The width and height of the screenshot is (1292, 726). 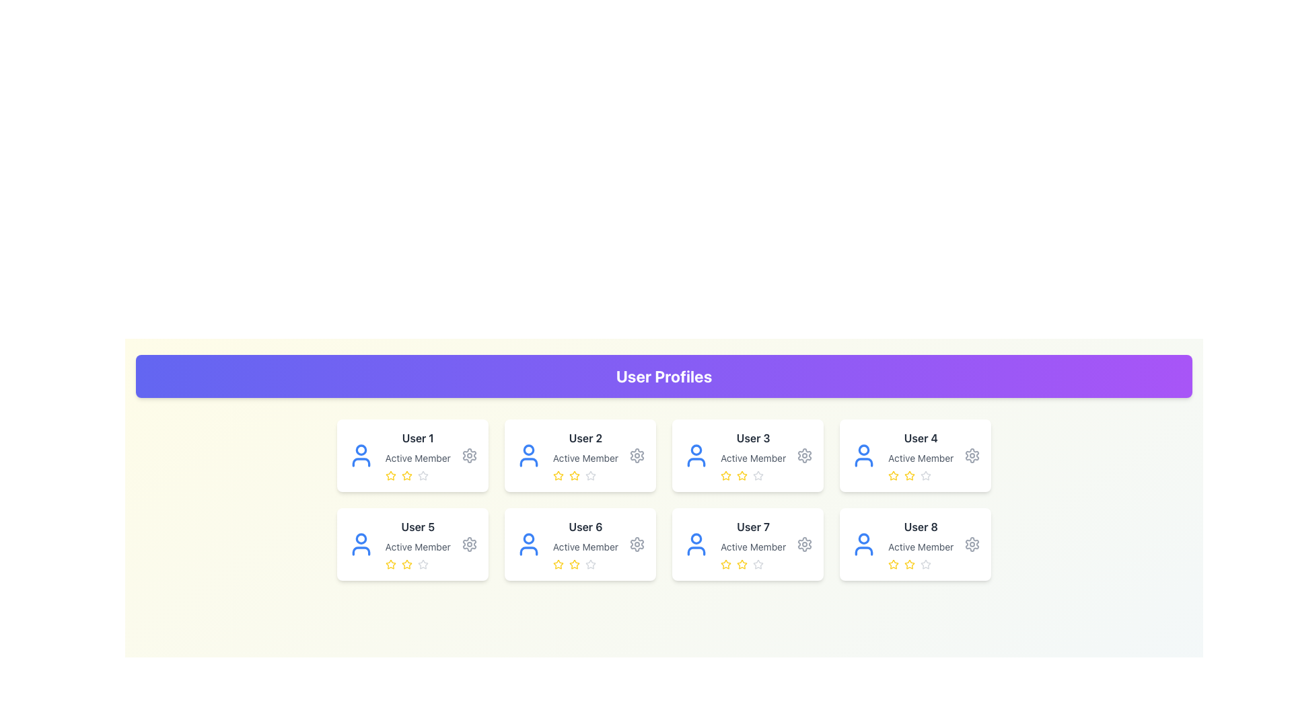 What do you see at coordinates (412, 544) in the screenshot?
I see `the gear icon on the Profile card located in the second row and first column of the grid layout for settings` at bounding box center [412, 544].